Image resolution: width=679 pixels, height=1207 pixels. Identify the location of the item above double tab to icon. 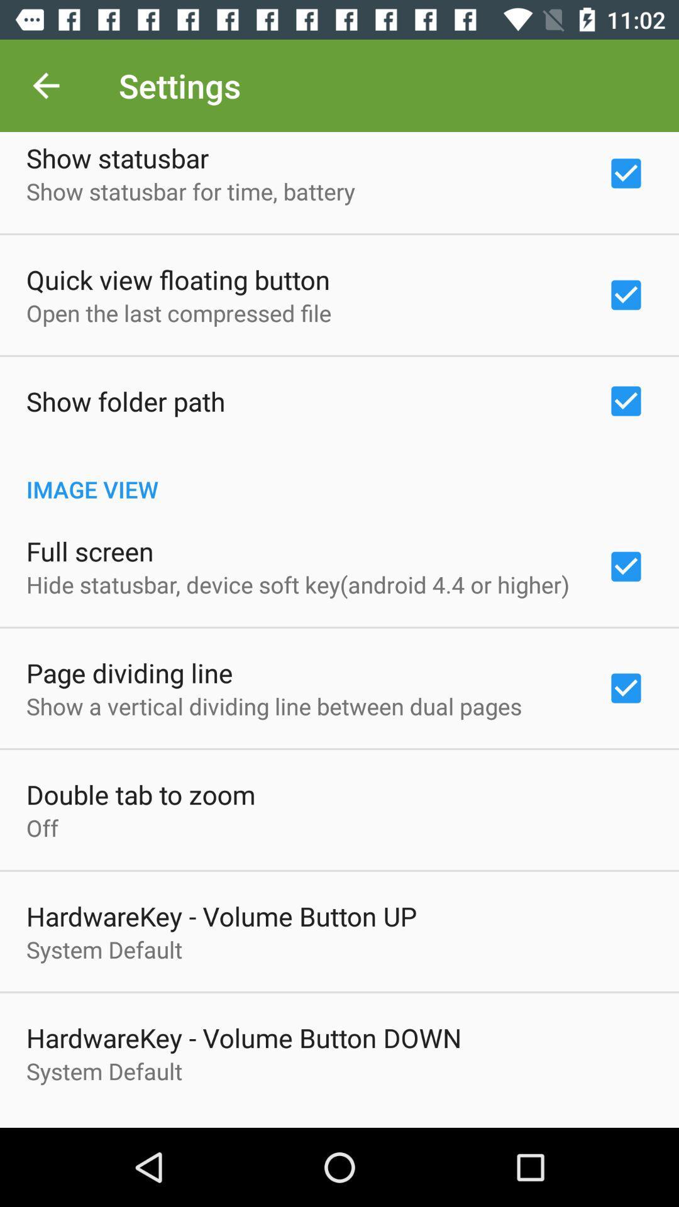
(273, 706).